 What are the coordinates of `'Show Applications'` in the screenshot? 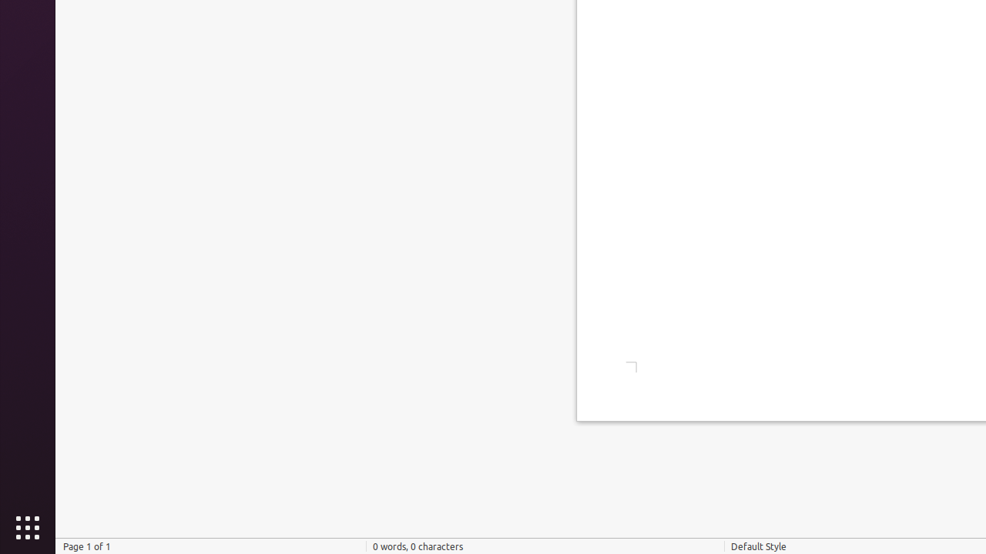 It's located at (27, 527).